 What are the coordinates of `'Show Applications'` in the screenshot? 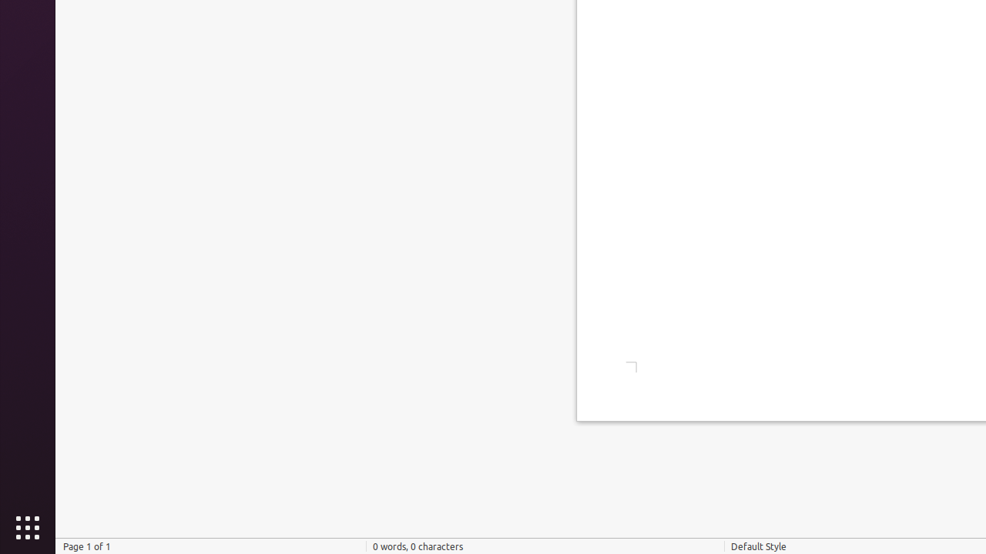 It's located at (27, 527).